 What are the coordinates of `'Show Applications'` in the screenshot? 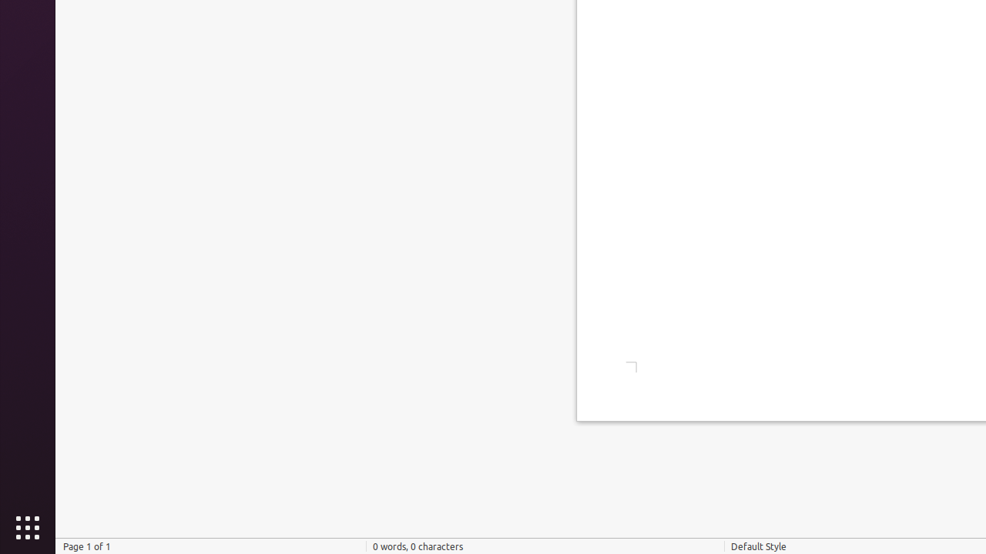 It's located at (27, 527).